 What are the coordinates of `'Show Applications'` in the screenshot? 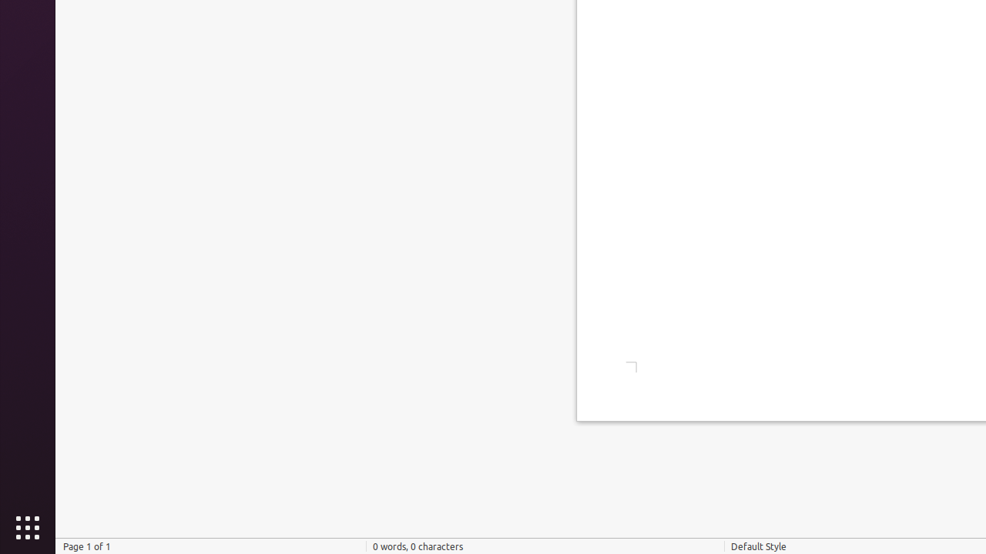 It's located at (27, 527).